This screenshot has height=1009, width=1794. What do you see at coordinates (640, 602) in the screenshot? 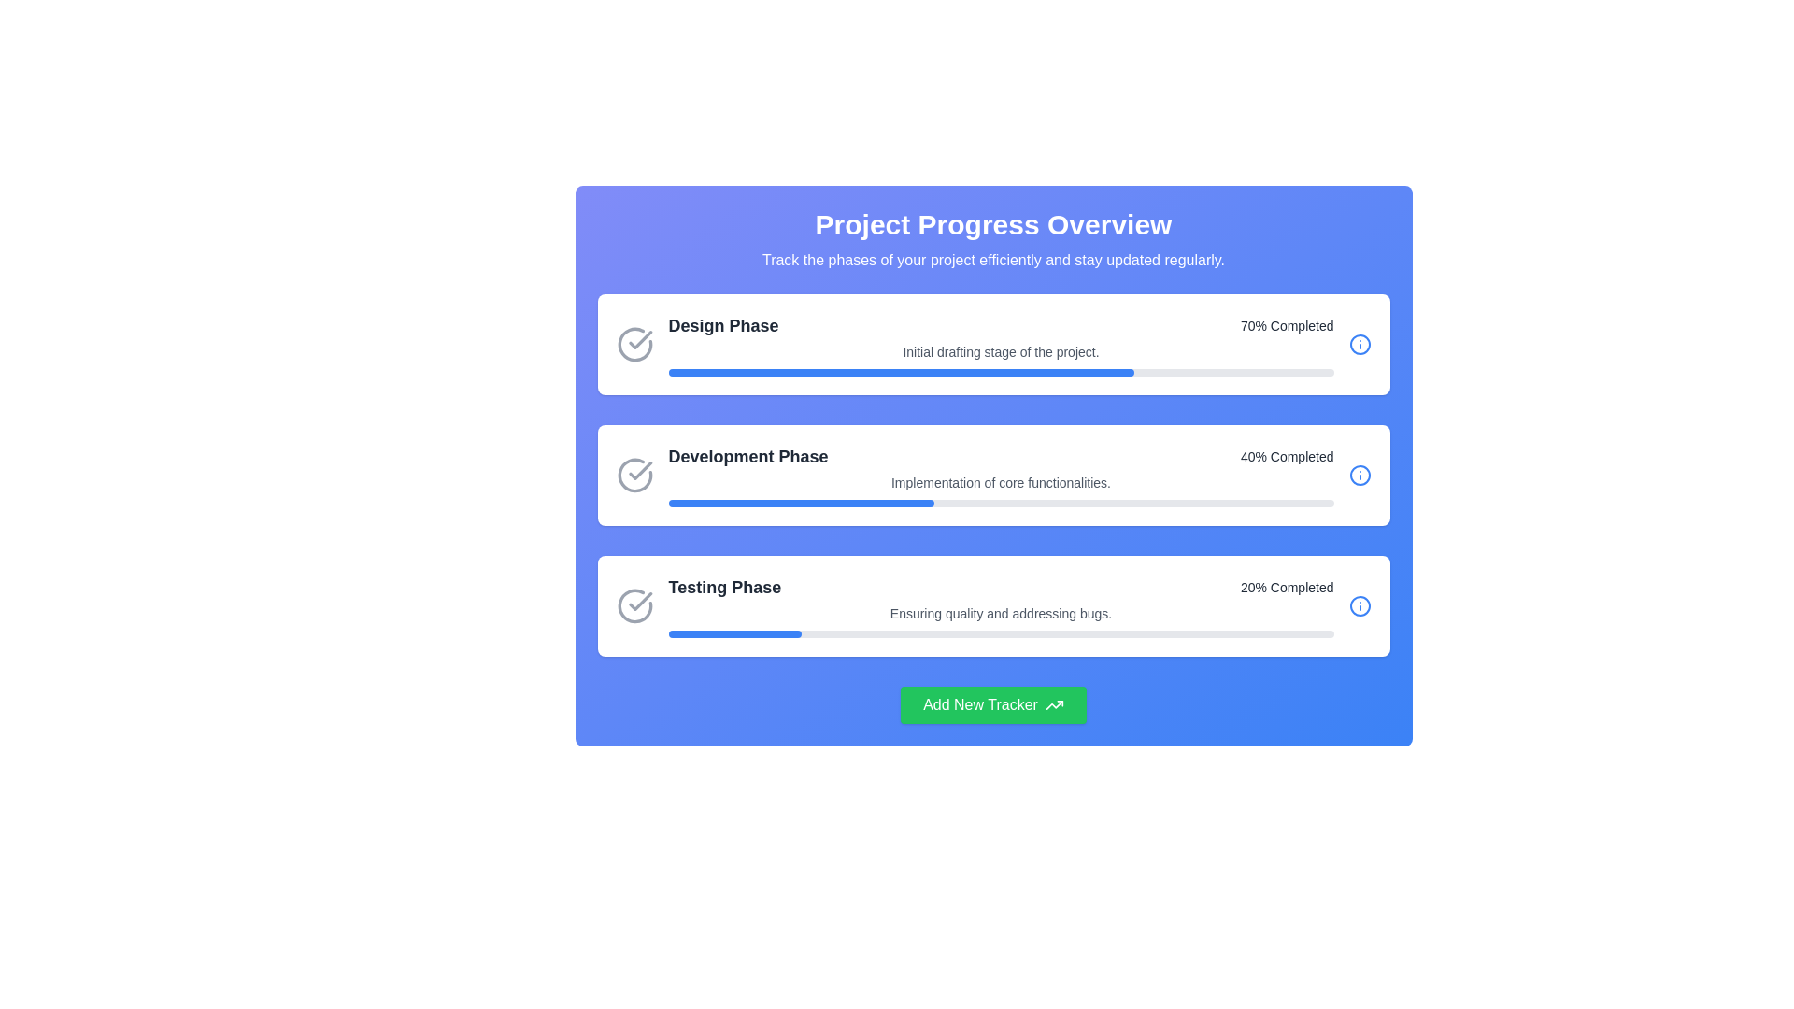
I see `the Checkmark within a Circle icon located in the 'Testing Phase' panel to indicate the phase is acknowledged or in progress` at bounding box center [640, 602].